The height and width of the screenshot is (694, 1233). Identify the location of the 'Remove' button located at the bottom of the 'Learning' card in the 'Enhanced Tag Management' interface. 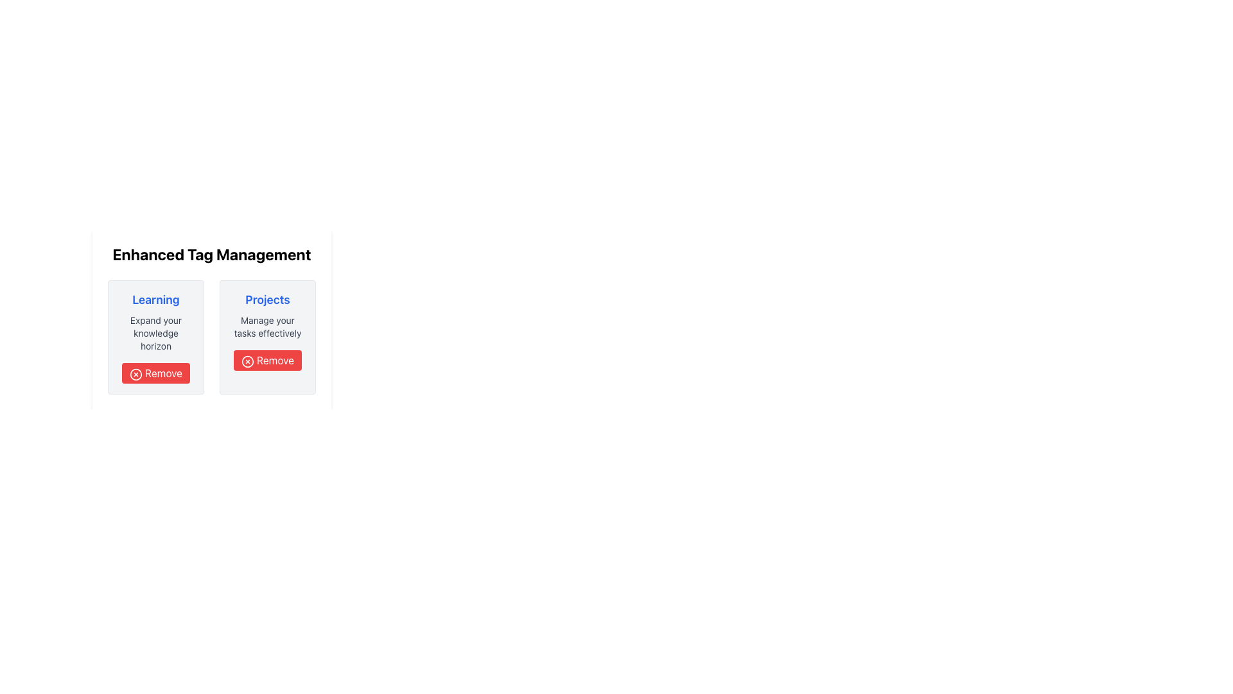
(155, 373).